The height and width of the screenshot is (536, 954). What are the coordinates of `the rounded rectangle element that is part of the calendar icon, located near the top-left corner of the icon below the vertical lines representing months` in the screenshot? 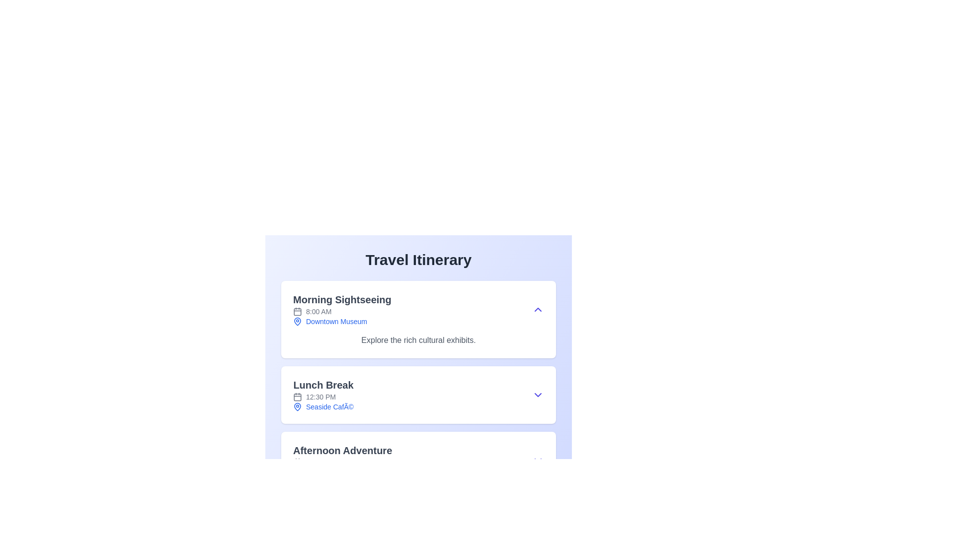 It's located at (297, 311).